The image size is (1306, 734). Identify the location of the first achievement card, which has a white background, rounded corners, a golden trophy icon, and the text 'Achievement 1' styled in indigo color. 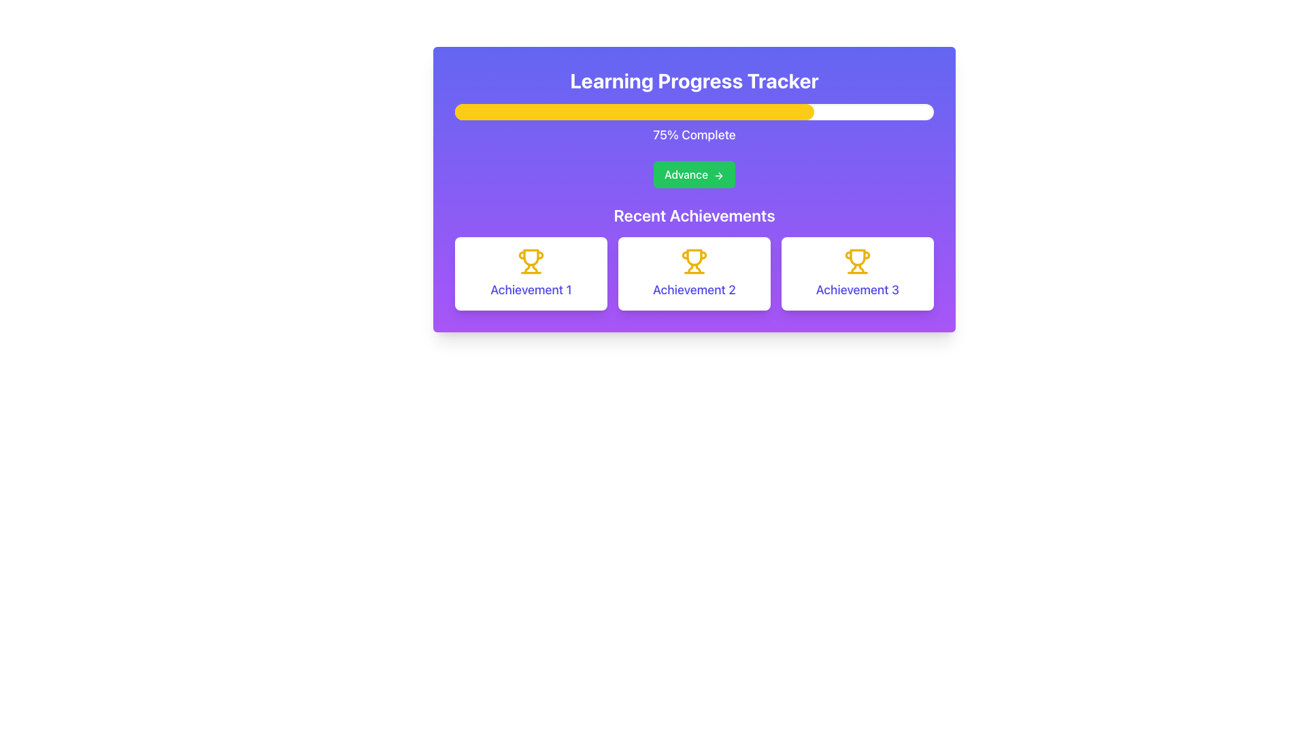
(531, 273).